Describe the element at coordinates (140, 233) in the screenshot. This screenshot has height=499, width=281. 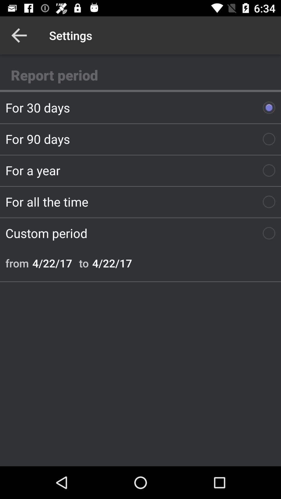
I see `icon above the from icon` at that location.